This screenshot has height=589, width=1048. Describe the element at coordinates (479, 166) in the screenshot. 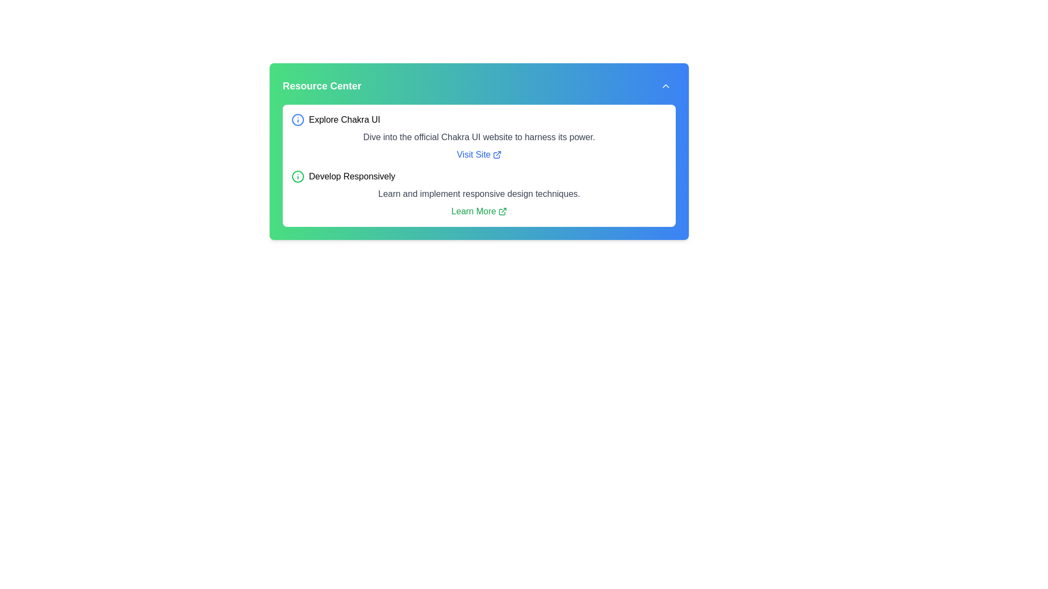

I see `the Content block with links, which presents information about two topics with descriptions and links for further exploration, located below the 'Resource Center' title` at that location.